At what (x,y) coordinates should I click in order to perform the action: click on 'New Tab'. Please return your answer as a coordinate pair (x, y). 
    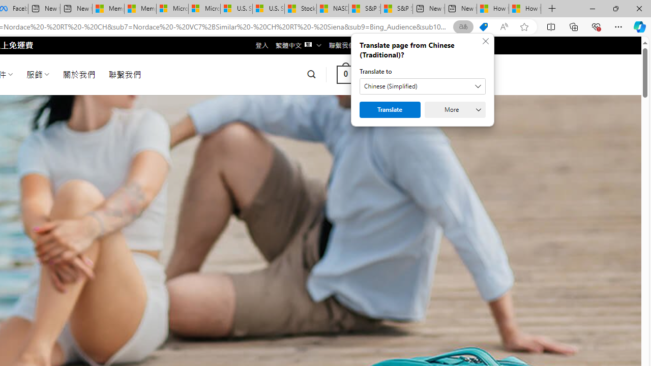
    Looking at the image, I should click on (552, 9).